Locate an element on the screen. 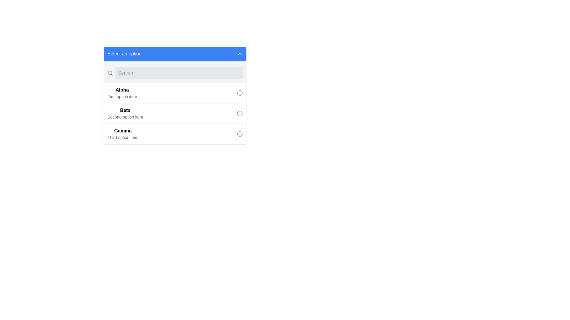  the static text label displaying 'Gamma', which is the title of the third option in a vertical list, located centrally above the description text 'Third option item' is located at coordinates (123, 131).